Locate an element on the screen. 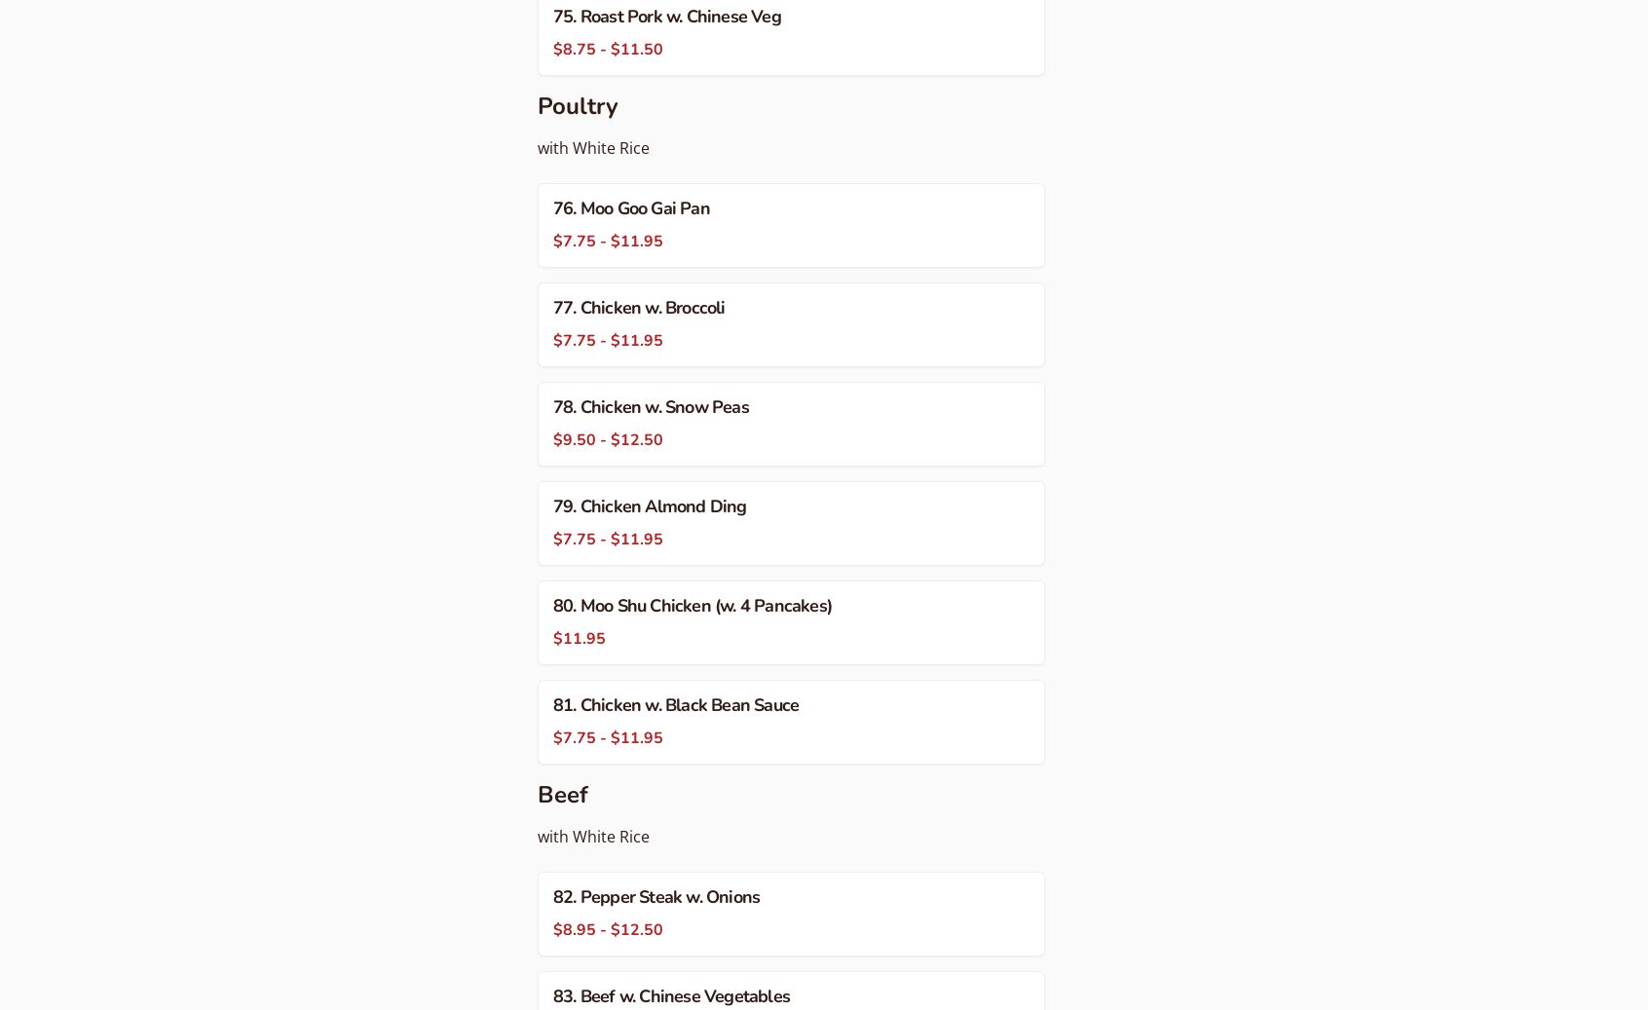 This screenshot has height=1010, width=1648. '75. Roast Pork w. Chinese Veg' is located at coordinates (666, 16).